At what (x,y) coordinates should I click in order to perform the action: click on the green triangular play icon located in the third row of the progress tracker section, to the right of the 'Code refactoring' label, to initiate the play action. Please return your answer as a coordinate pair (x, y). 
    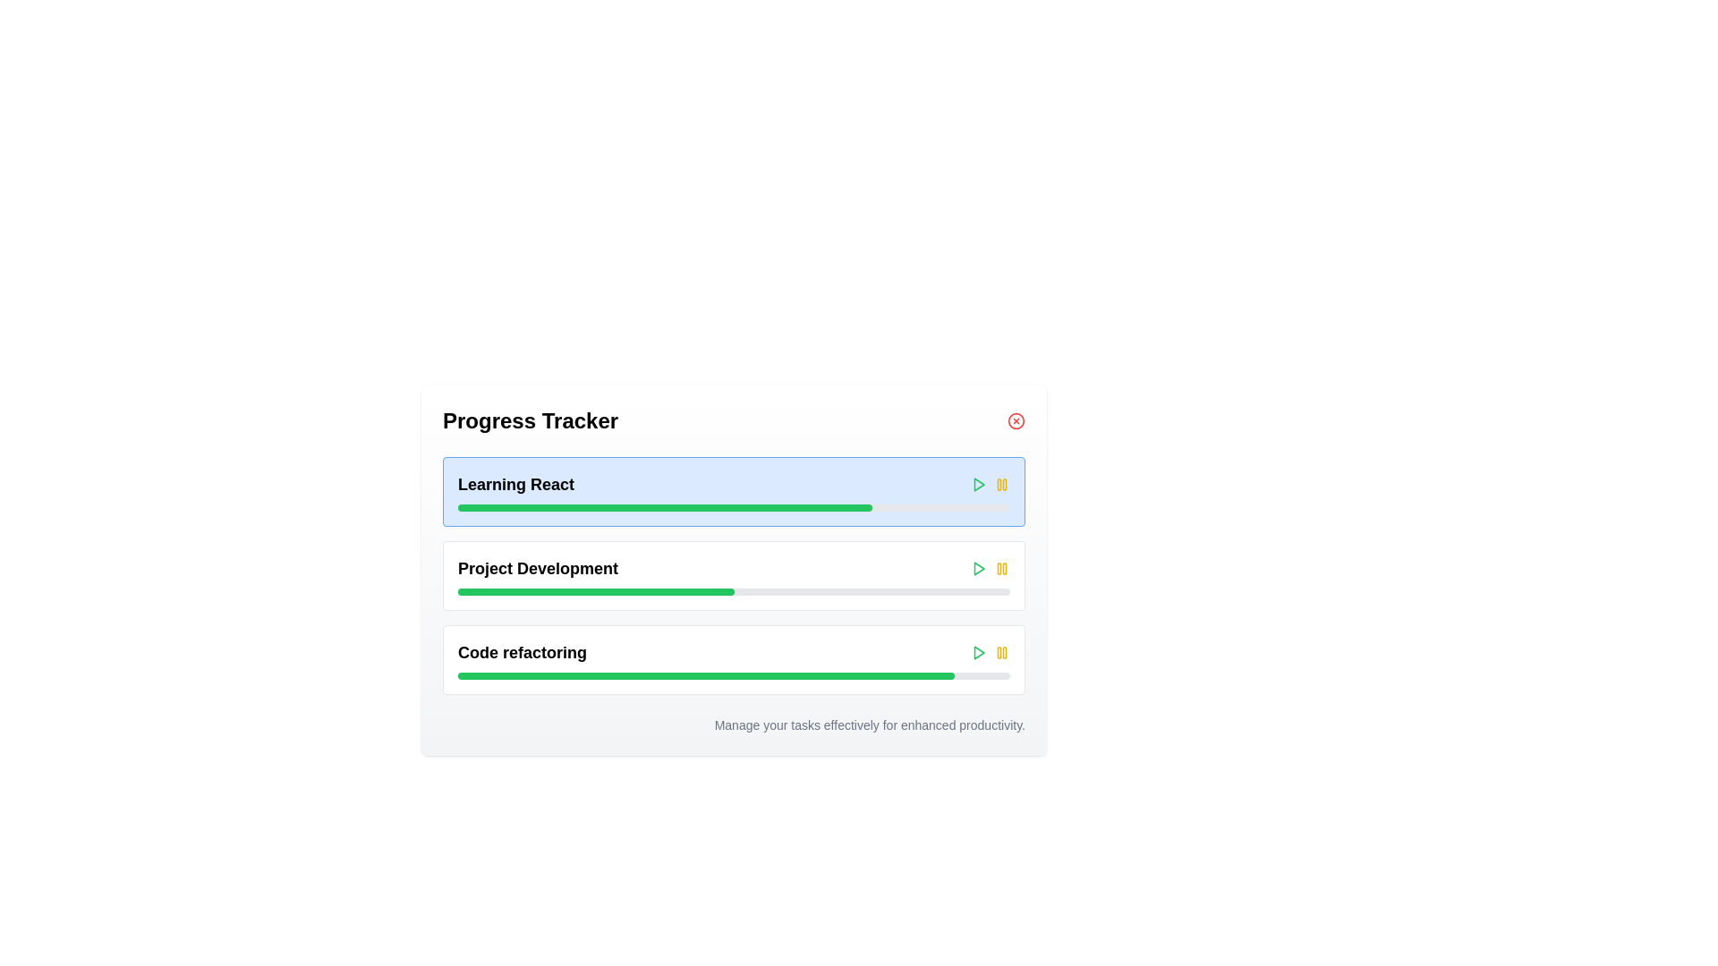
    Looking at the image, I should click on (978, 652).